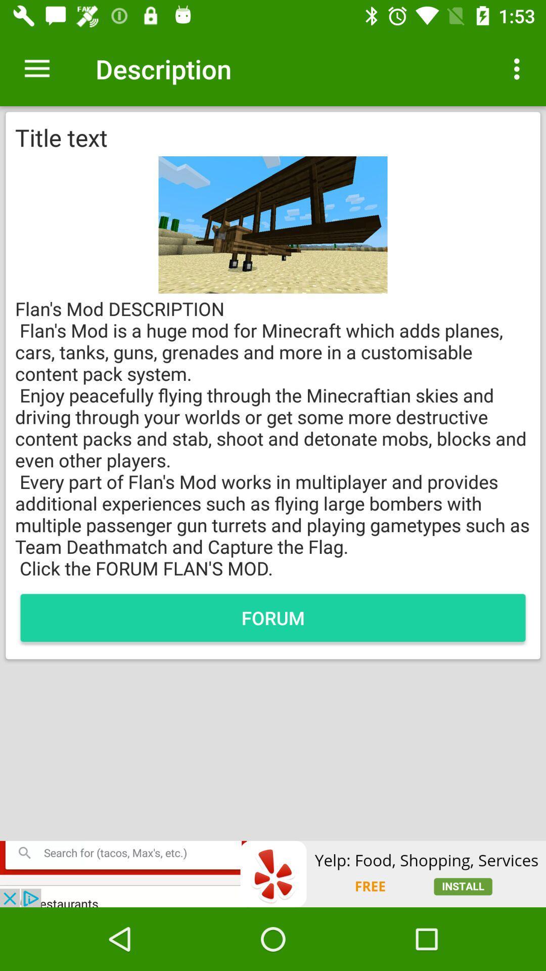 The height and width of the screenshot is (971, 546). I want to click on open advertisement, so click(273, 873).